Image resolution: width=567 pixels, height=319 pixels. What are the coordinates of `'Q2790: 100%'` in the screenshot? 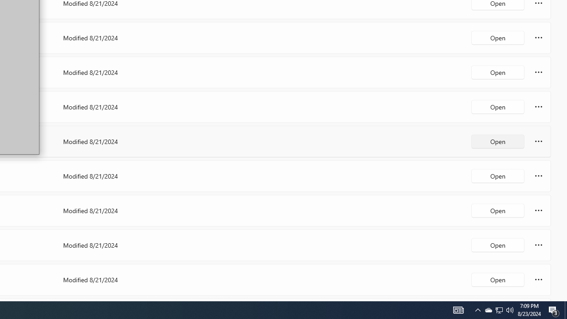 It's located at (488, 309).